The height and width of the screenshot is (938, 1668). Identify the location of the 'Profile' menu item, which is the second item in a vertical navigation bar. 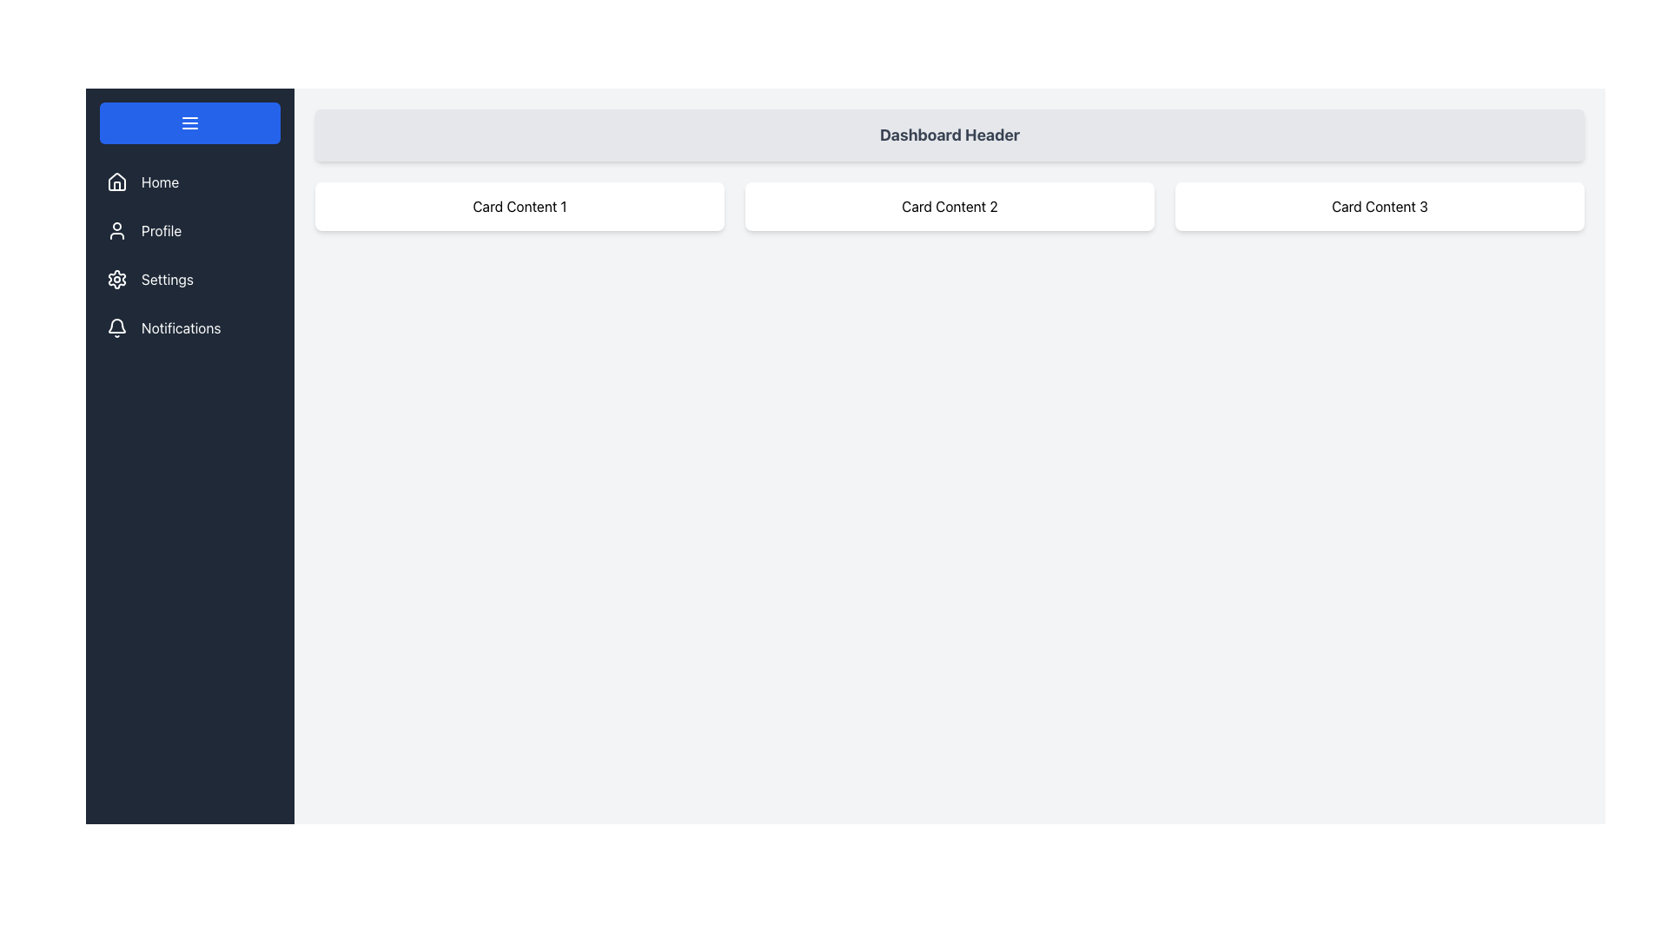
(190, 230).